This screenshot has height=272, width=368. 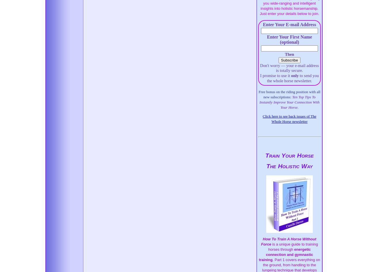 What do you see at coordinates (289, 118) in the screenshot?
I see `'Click here to see back issues of The Whole Horse newsletter'` at bounding box center [289, 118].